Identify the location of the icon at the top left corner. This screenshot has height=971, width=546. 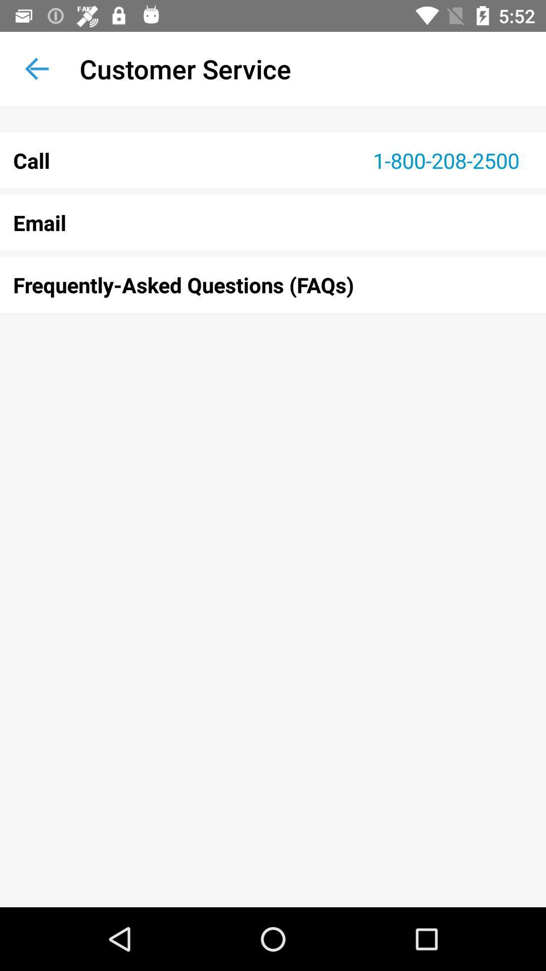
(36, 68).